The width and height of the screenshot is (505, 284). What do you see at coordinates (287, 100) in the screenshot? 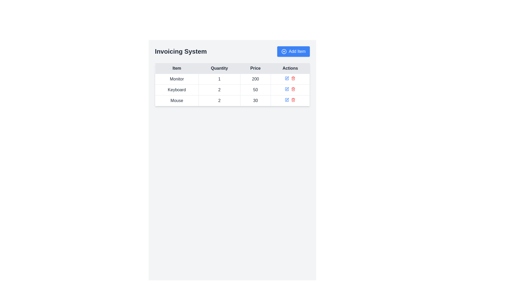
I see `the blue pen icon button in the 'Actions' column of the table corresponding to the 'Mouse' item` at bounding box center [287, 100].